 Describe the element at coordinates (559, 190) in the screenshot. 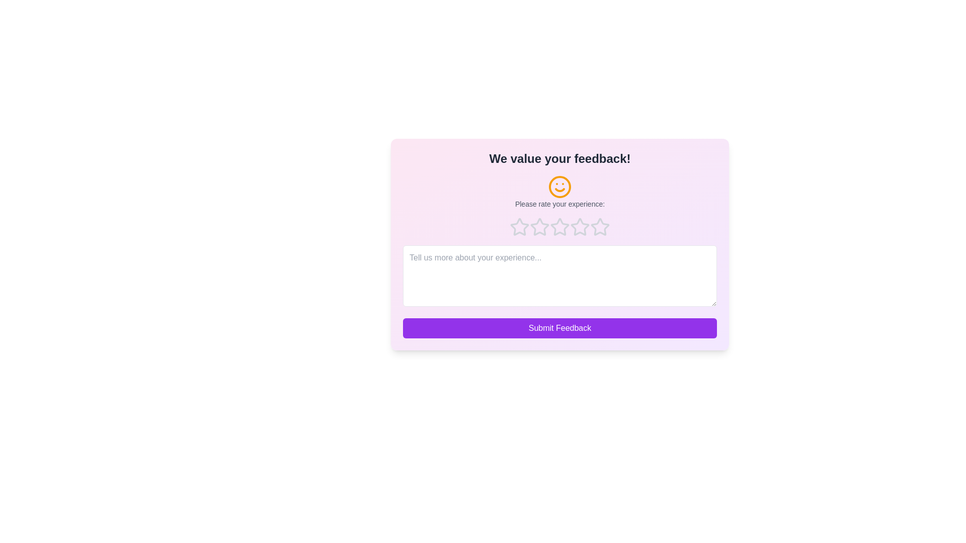

I see `the decorative graphical element representing a smile in the smiley face SVG graphic` at that location.